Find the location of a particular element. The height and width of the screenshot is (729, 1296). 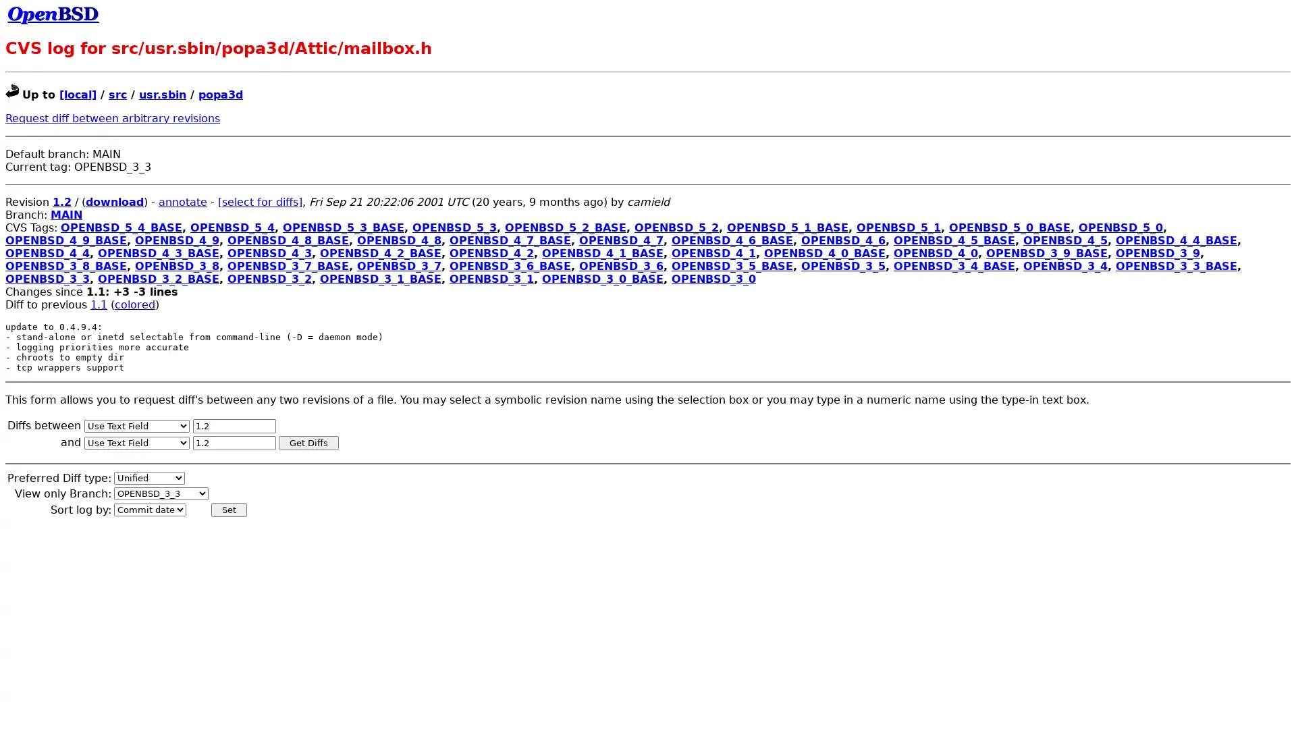

Get Diffs is located at coordinates (308, 442).